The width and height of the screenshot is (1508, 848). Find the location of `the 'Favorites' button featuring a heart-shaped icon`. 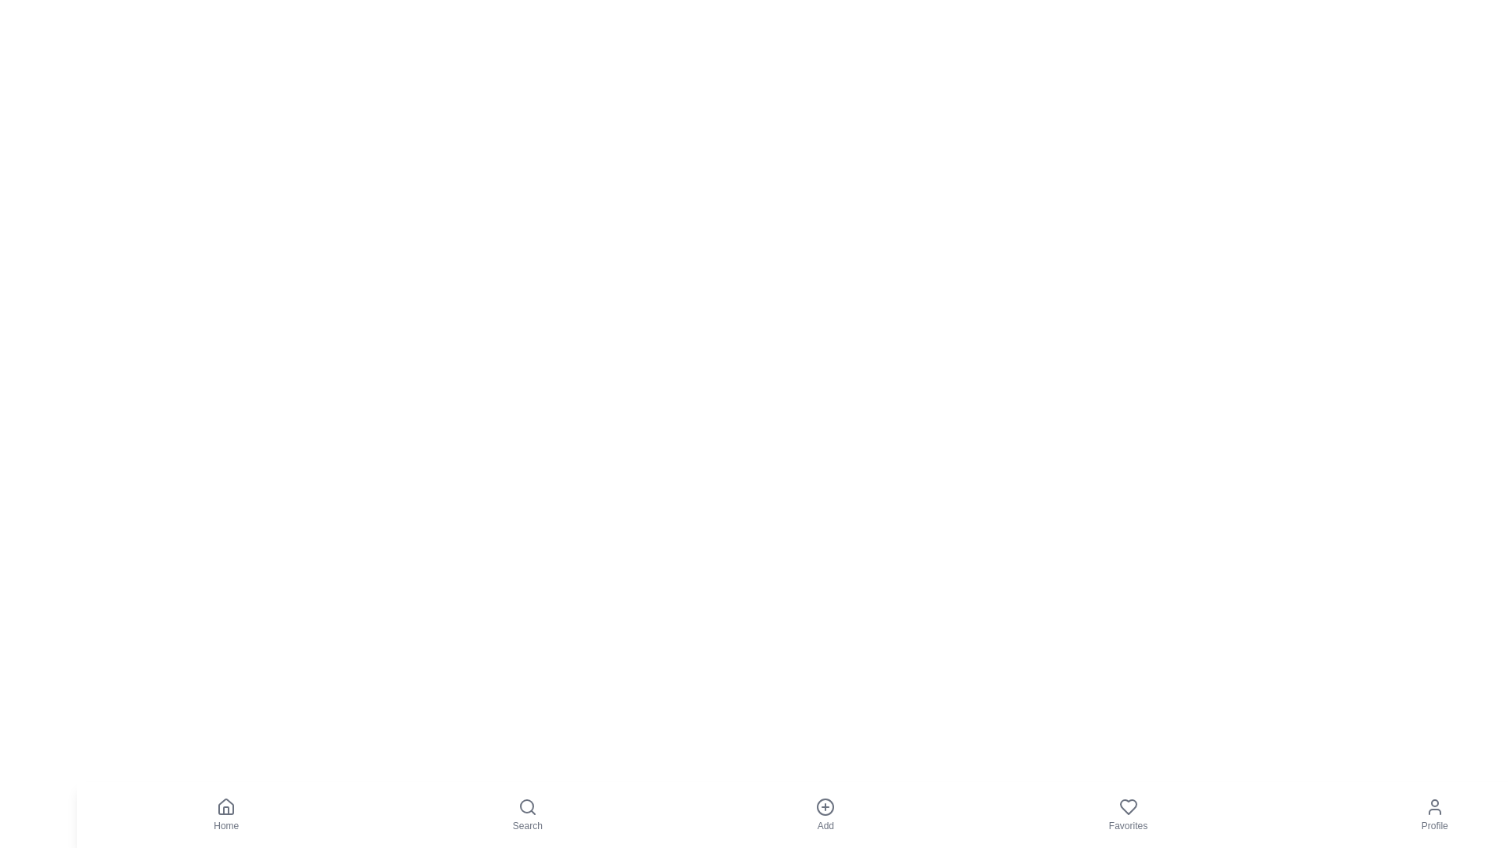

the 'Favorites' button featuring a heart-shaped icon is located at coordinates (1126, 813).